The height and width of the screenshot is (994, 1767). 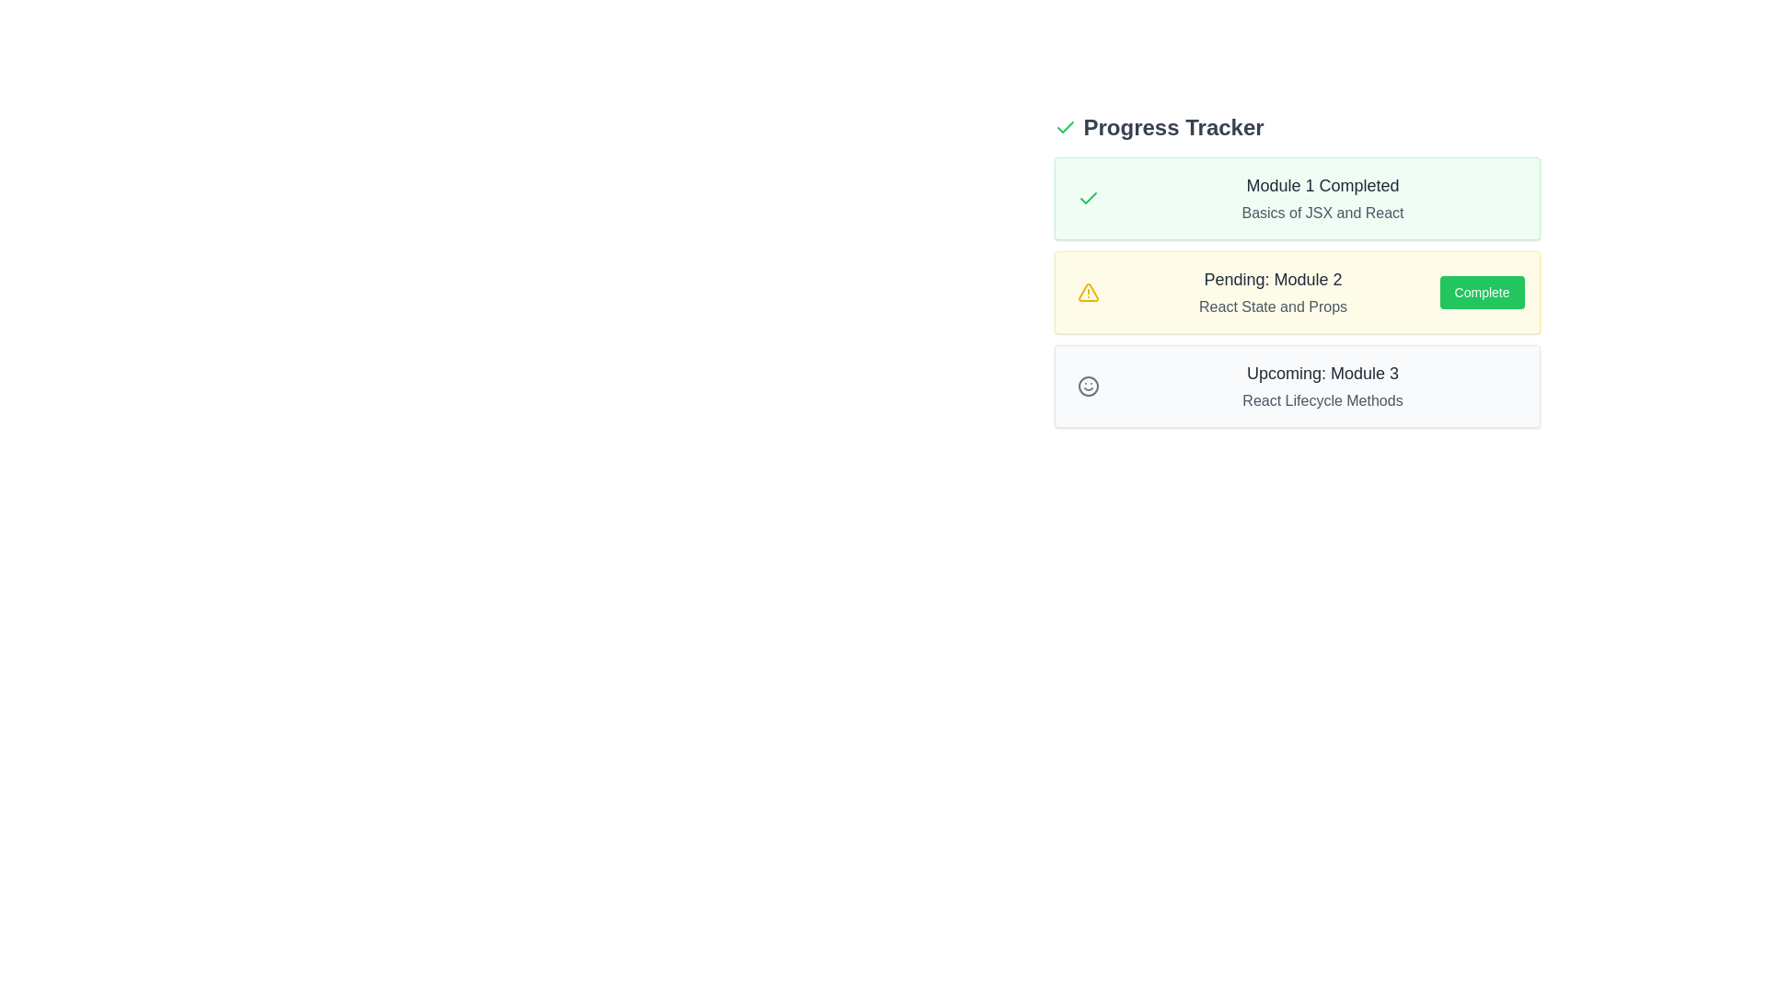 What do you see at coordinates (1482, 291) in the screenshot?
I see `the green button labeled 'Complete' located at the bottom-right corner of the 'Pending: Module 2 - React State and Props' progress tracker` at bounding box center [1482, 291].